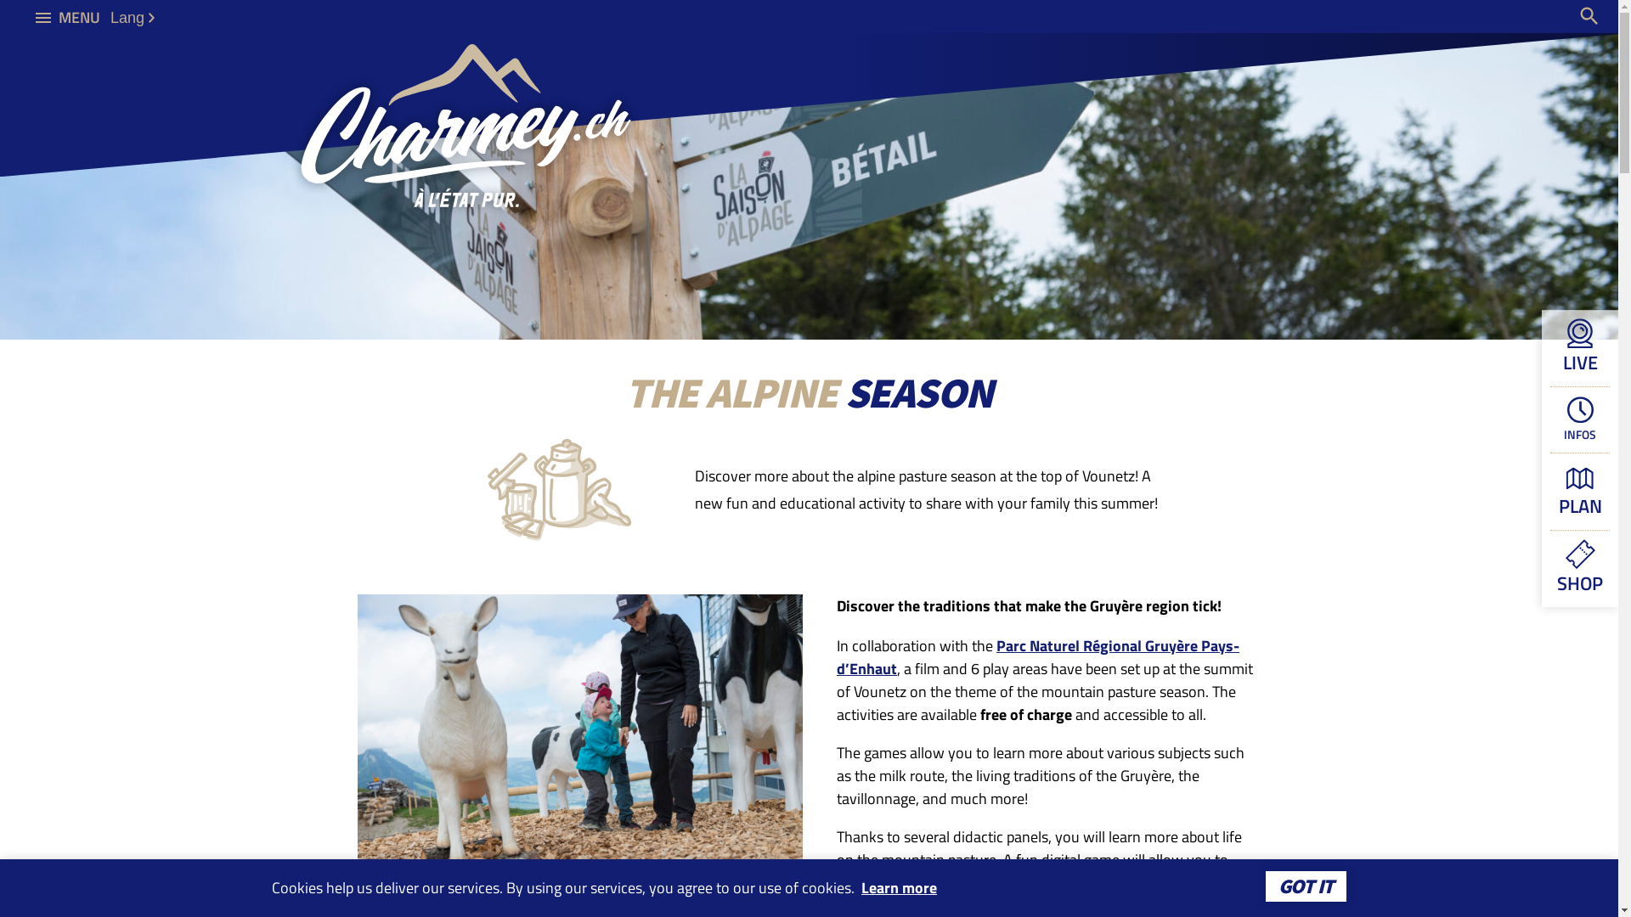 The width and height of the screenshot is (1631, 917). I want to click on 'Rechercher', so click(1589, 16).